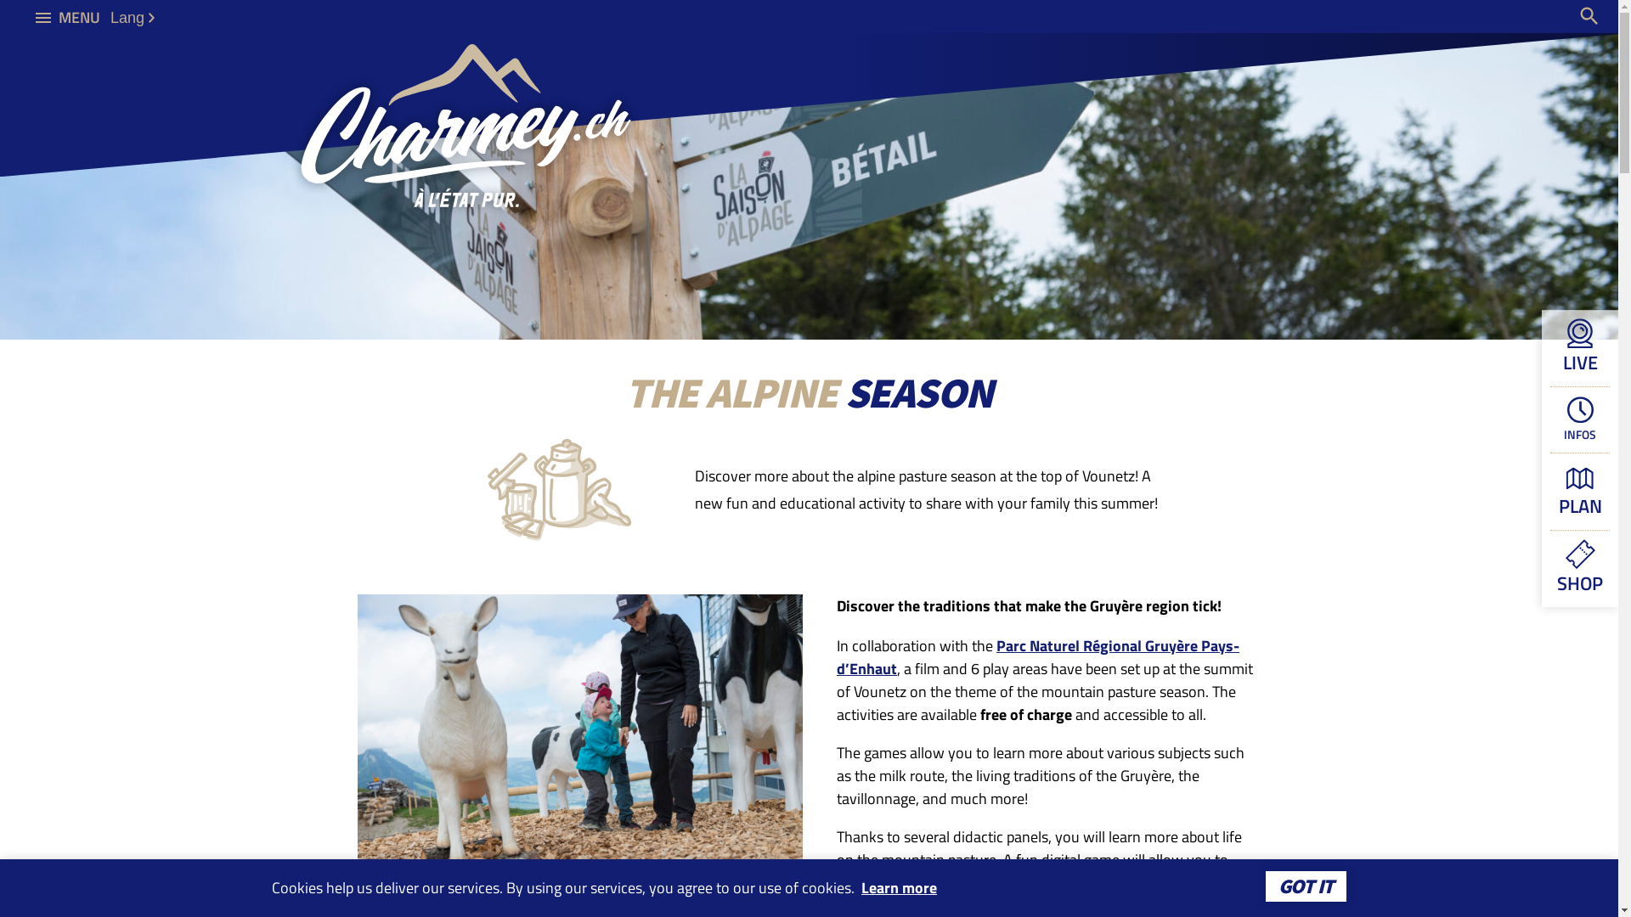 The width and height of the screenshot is (1631, 917). I want to click on 'Rechercher', so click(1589, 16).